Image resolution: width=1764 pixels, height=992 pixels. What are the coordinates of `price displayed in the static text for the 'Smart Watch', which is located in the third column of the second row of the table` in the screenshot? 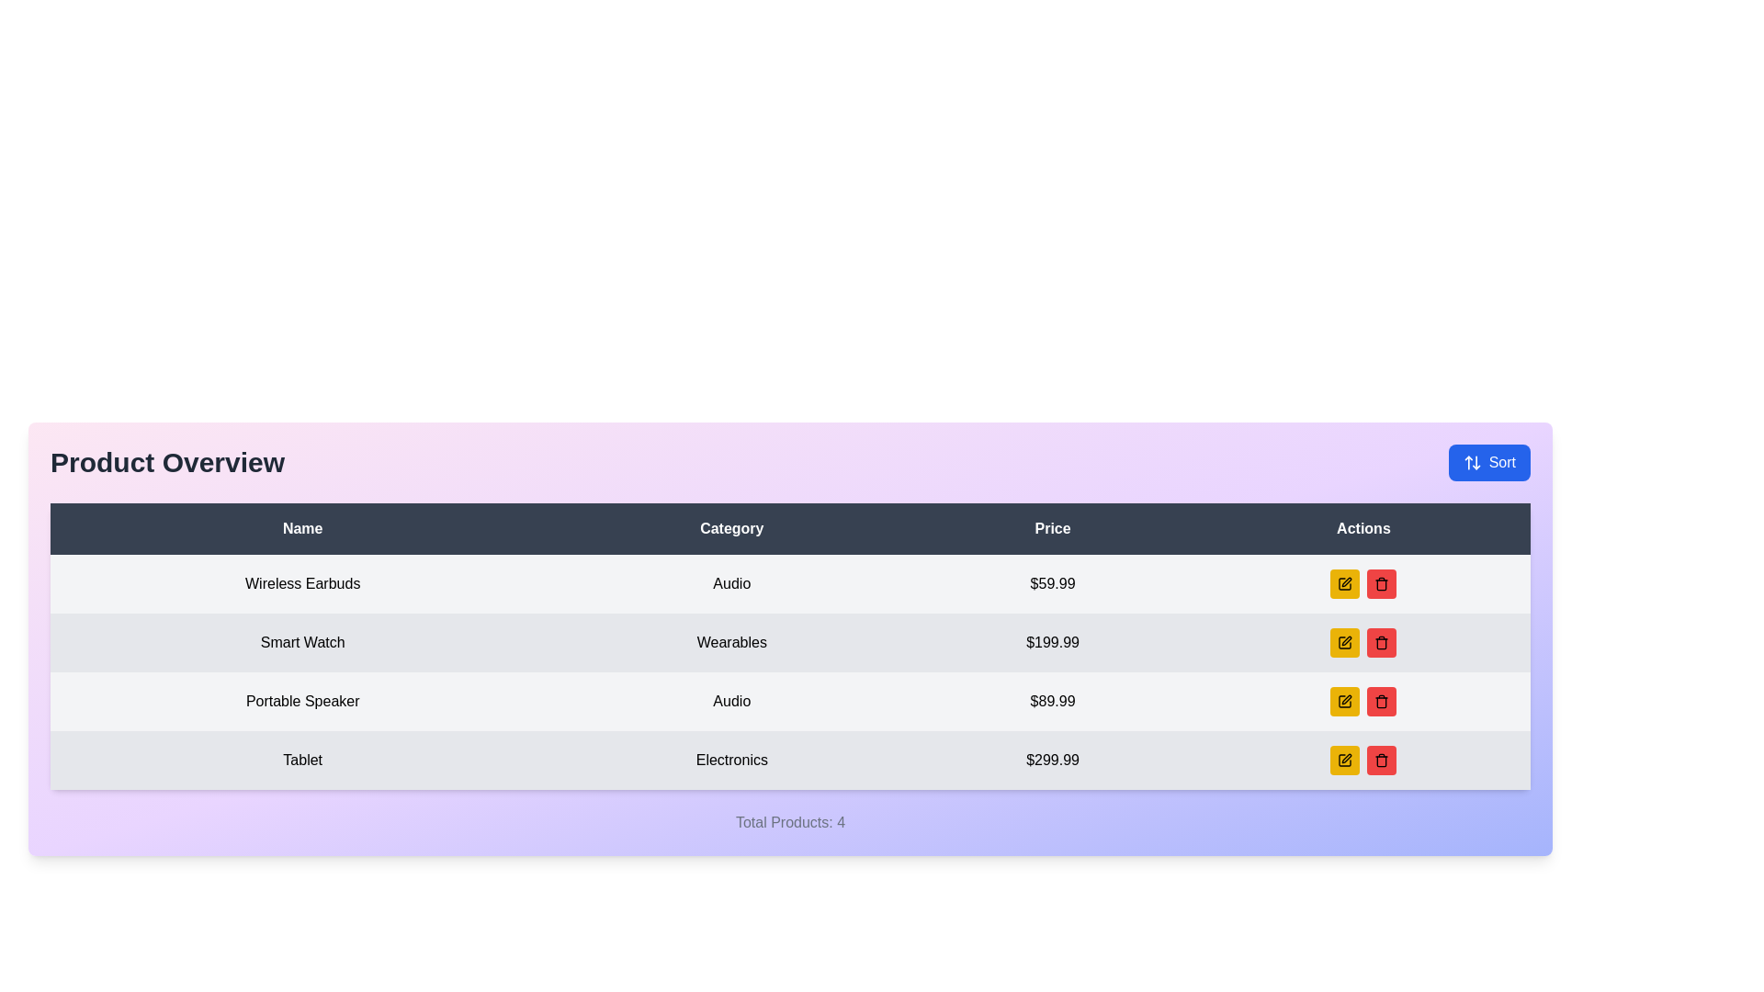 It's located at (1053, 641).